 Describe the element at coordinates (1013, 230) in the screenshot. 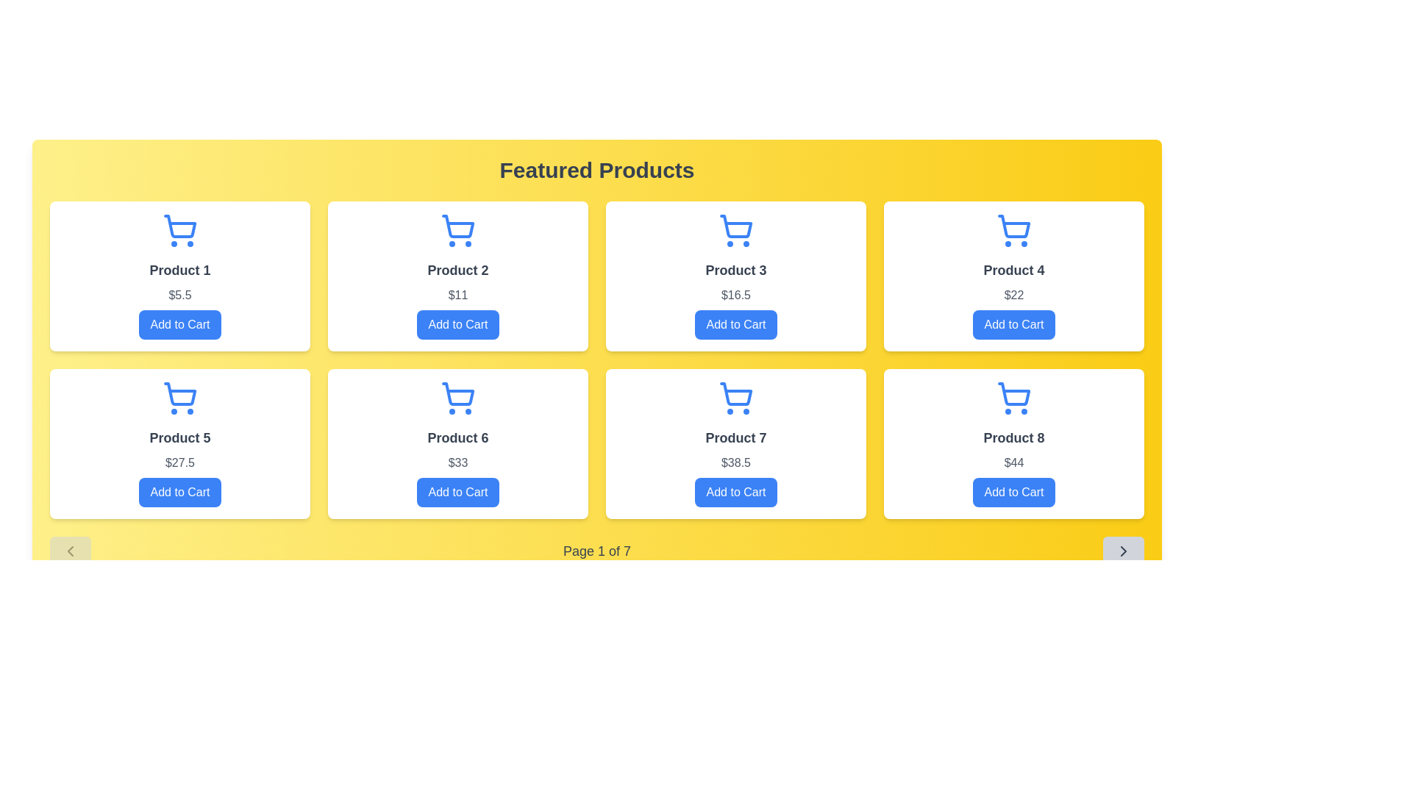

I see `the blue shopping cart icon located at the top-center of the fourth product card, which is above the product details and the 'Add to Cart' button` at that location.